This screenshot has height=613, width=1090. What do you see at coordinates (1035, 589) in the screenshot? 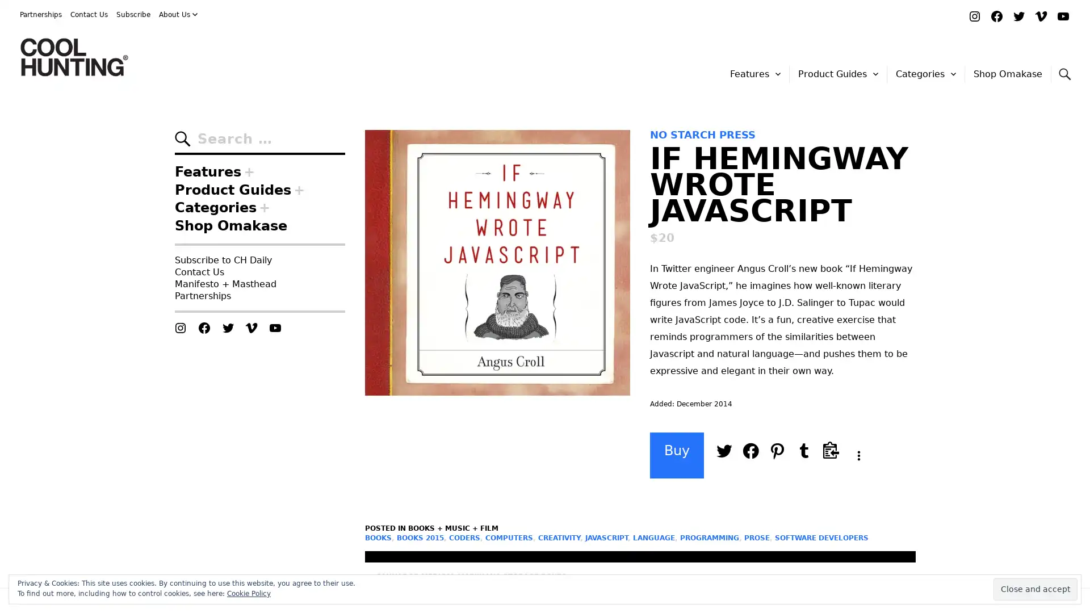
I see `Close and accept` at bounding box center [1035, 589].